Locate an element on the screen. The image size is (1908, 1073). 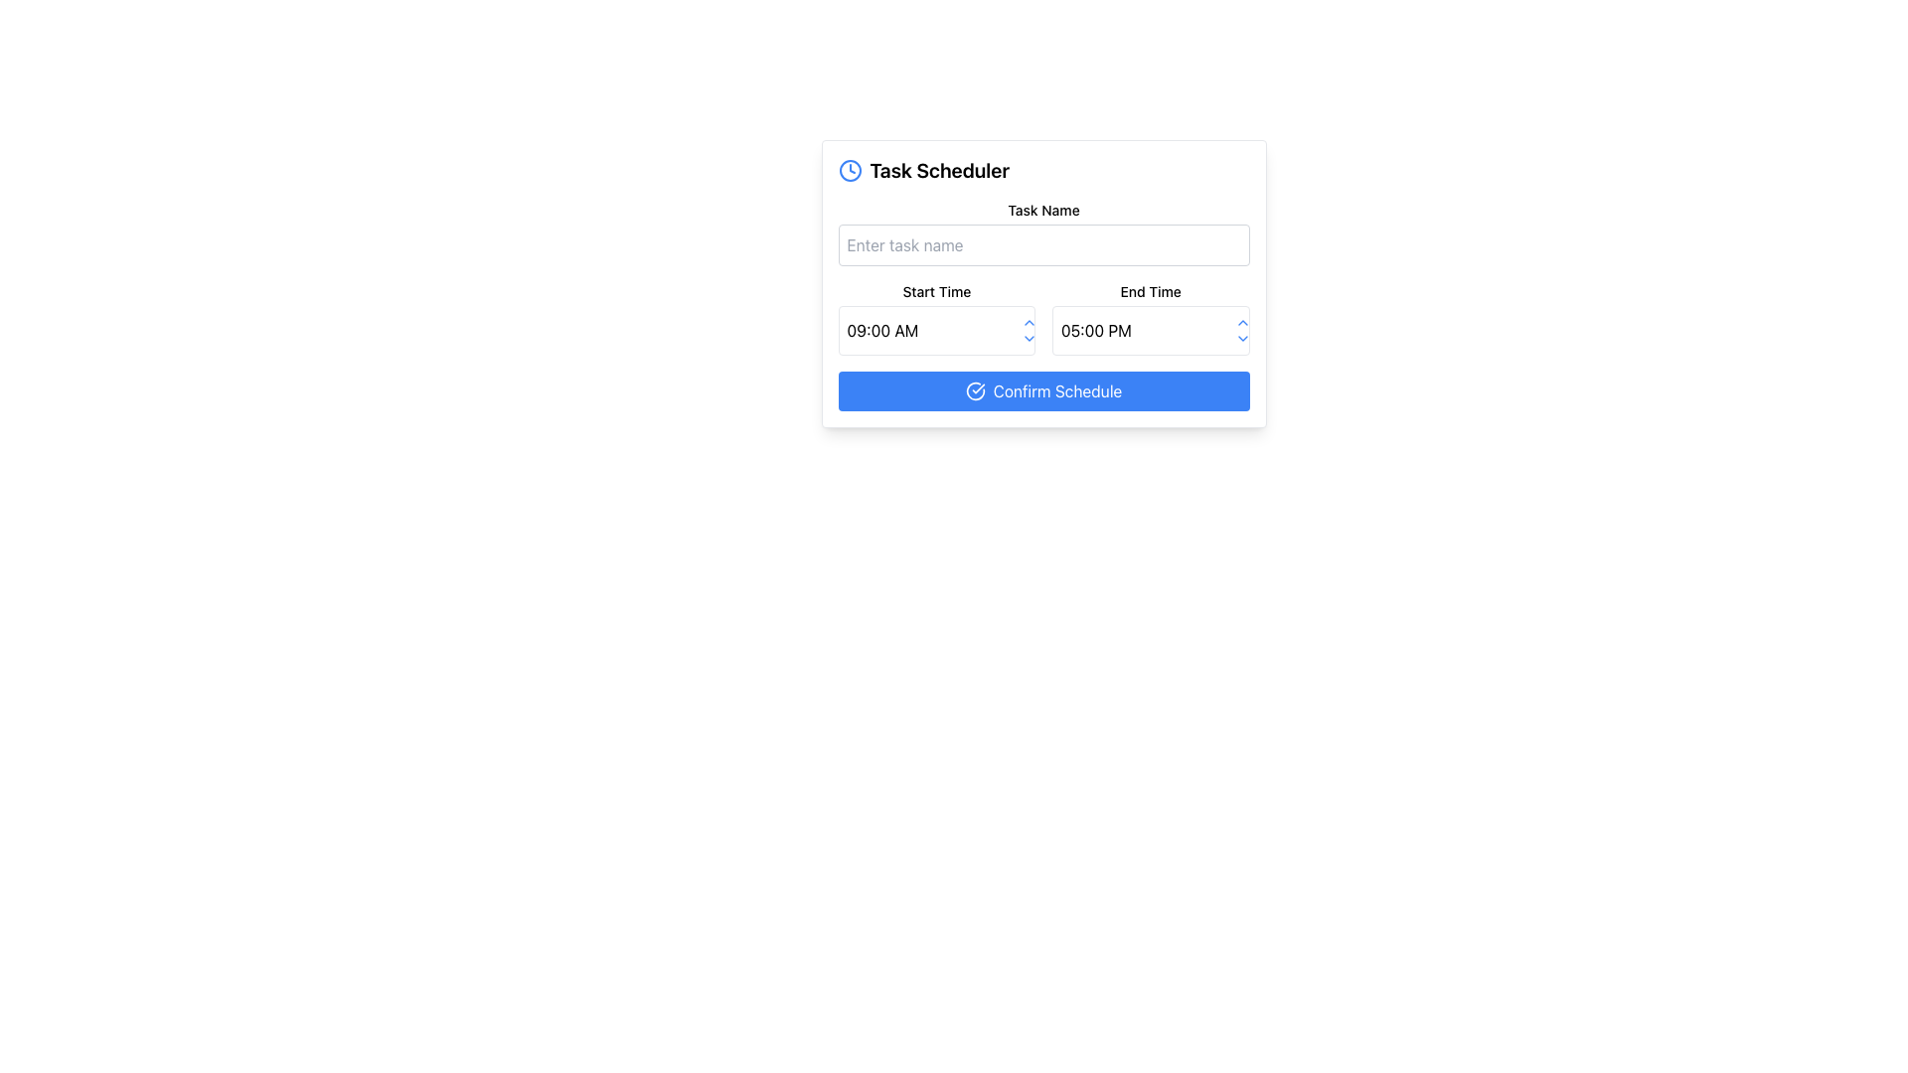
the 'Start Time' input field is located at coordinates (1042, 317).